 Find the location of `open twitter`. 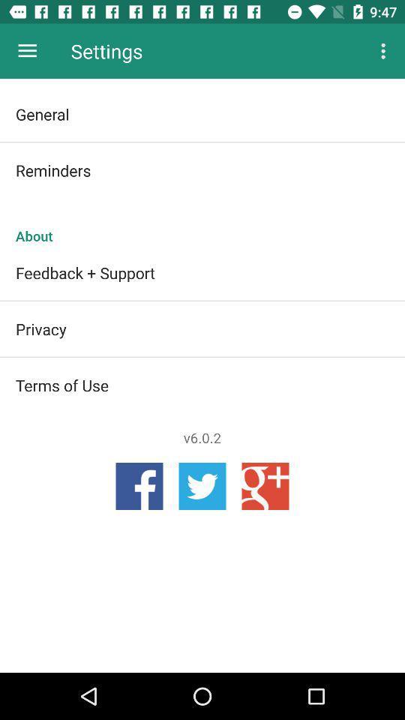

open twitter is located at coordinates (202, 485).